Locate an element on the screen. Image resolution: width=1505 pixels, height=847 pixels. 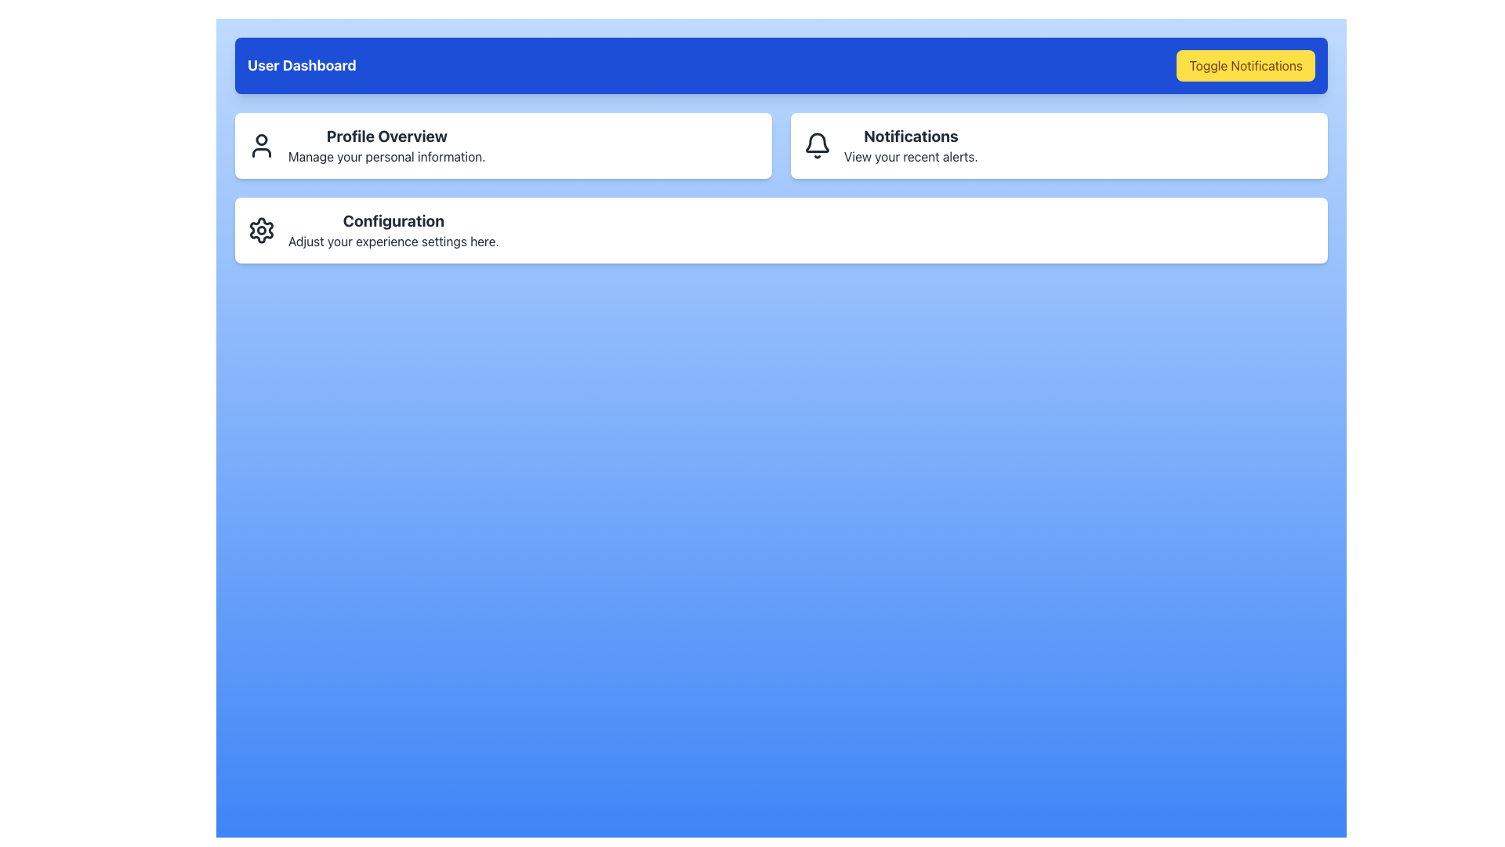
the 'Profile Overview' title text, which serves as a heading for the section below the 'User Dashboard' header is located at coordinates (386, 135).